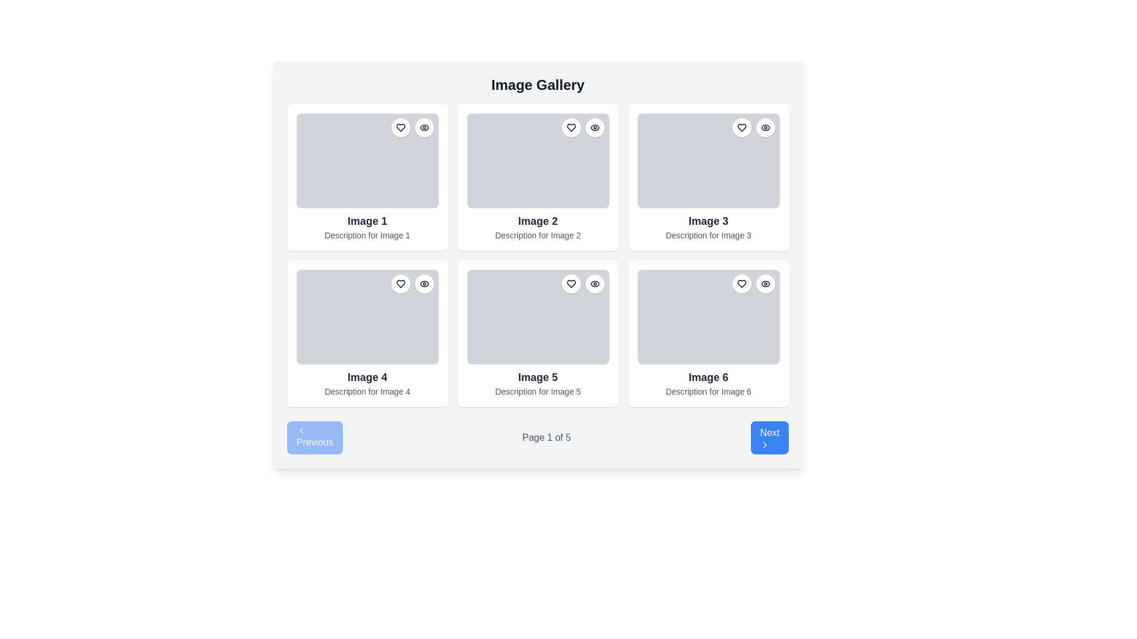  Describe the element at coordinates (424, 283) in the screenshot. I see `the view/preview button located at the rightmost position in the interactive header of the fourth image card` at that location.